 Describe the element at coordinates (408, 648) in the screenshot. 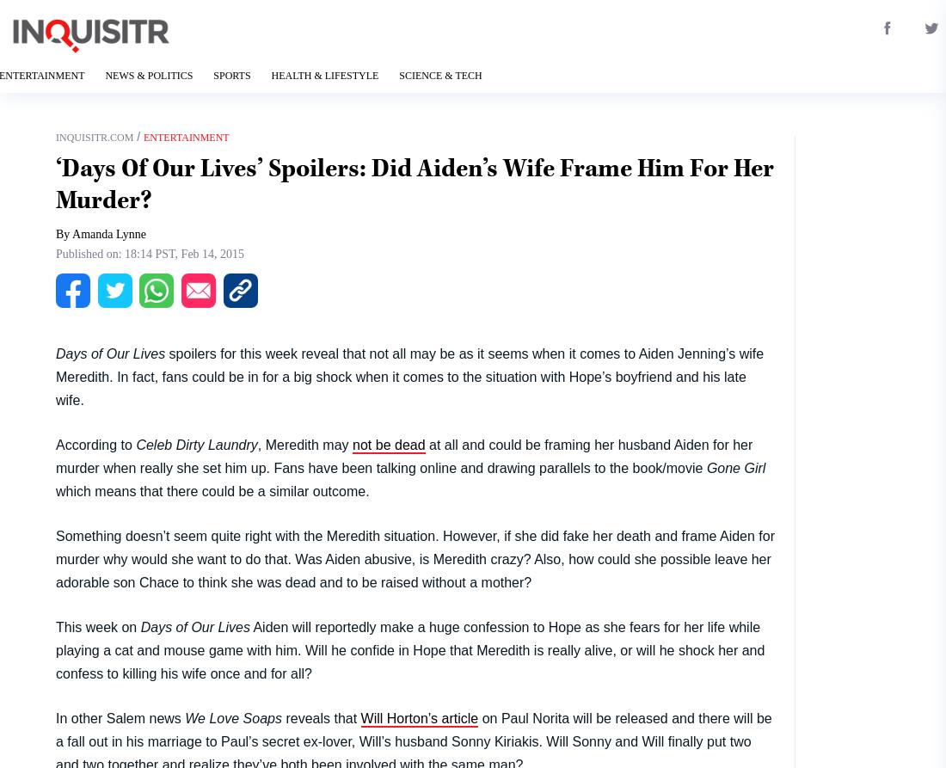

I see `'Aiden will reportedly make a huge confession to Hope as she fears for her life while playing a cat and mouse game with him. Will he confide in Hope that Meredith is really alive, or will he shock her and confess to killing his wife once and for all?'` at that location.